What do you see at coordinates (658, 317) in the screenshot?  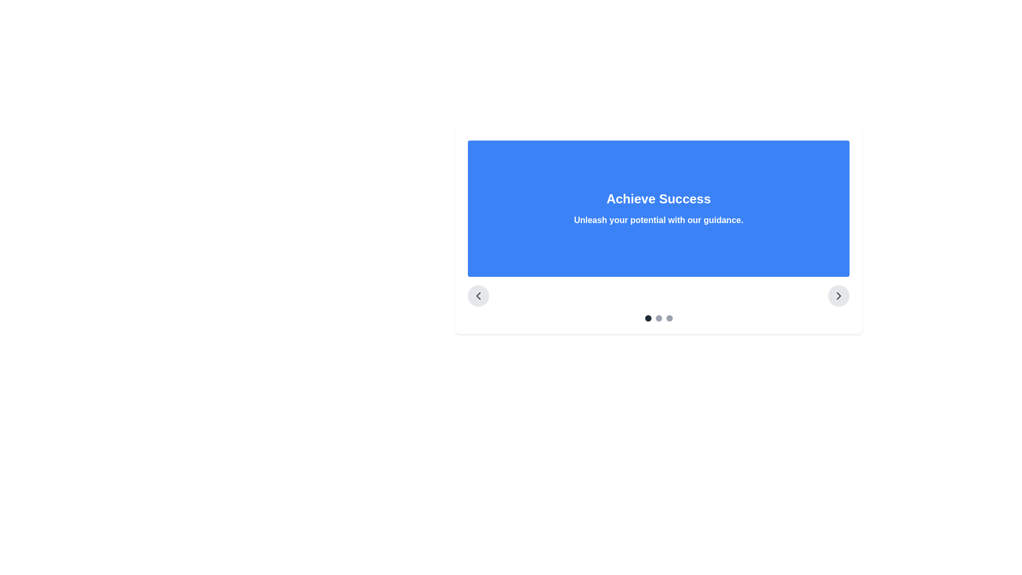 I see `the second circular dot in the pagination indicator` at bounding box center [658, 317].